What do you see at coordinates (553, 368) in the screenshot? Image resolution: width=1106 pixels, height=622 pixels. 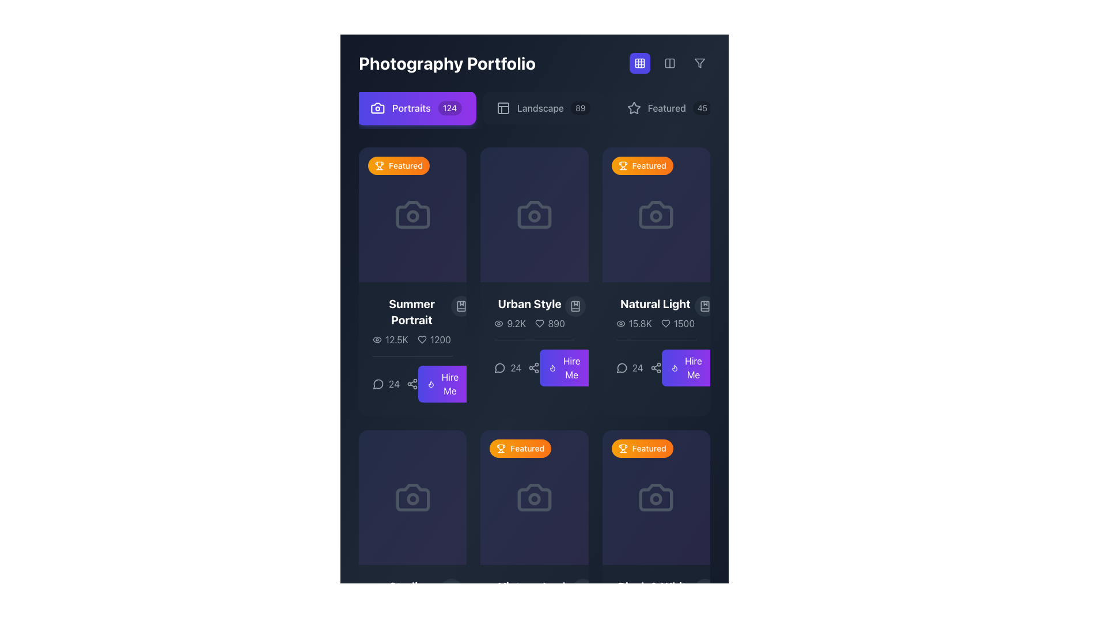 I see `the 'Hire Me' button that contains the flame SVG icon, which is positioned to the immediate left of the text 'Hire Me'` at bounding box center [553, 368].